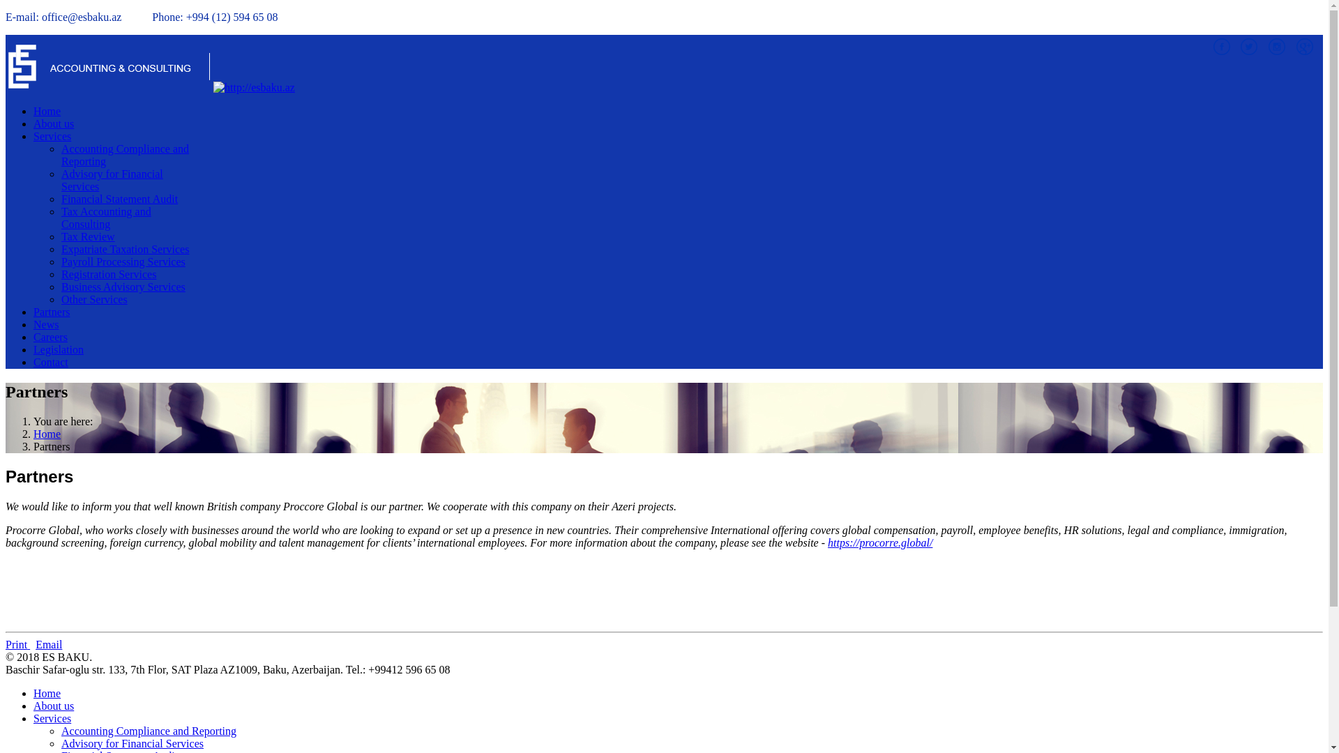 The width and height of the screenshot is (1339, 753). I want to click on 'Expatriate Taxation Services', so click(125, 248).